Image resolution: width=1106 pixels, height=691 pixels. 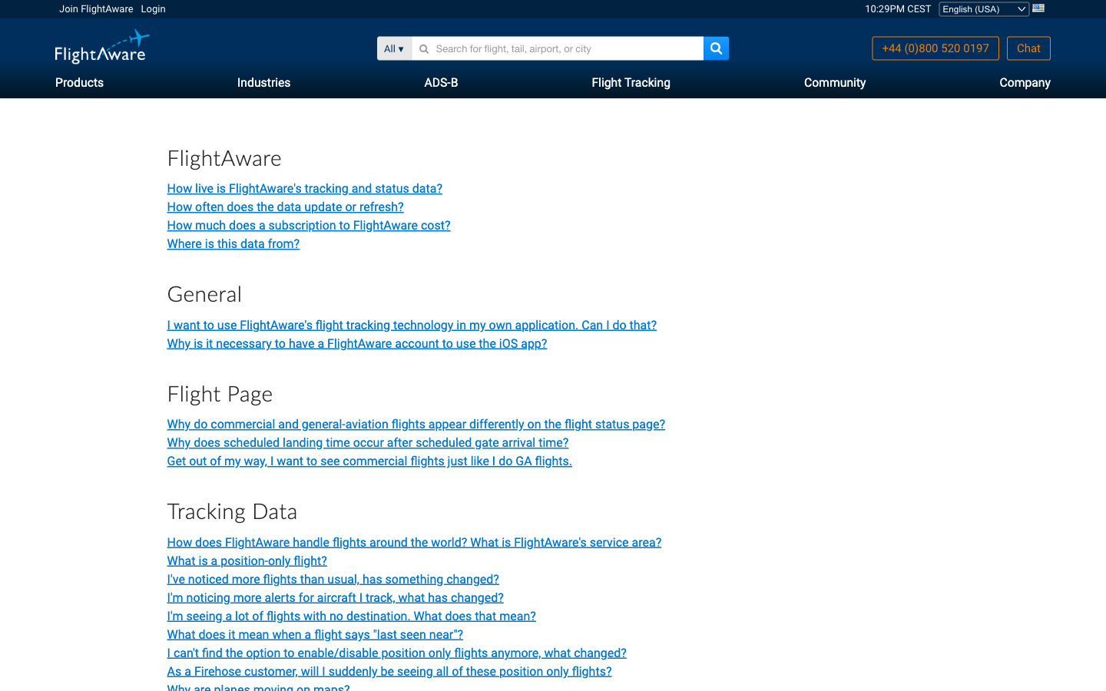 What do you see at coordinates (284, 206) in the screenshot?
I see `Check how often FlightAware"s data gets updated or refreshed` at bounding box center [284, 206].